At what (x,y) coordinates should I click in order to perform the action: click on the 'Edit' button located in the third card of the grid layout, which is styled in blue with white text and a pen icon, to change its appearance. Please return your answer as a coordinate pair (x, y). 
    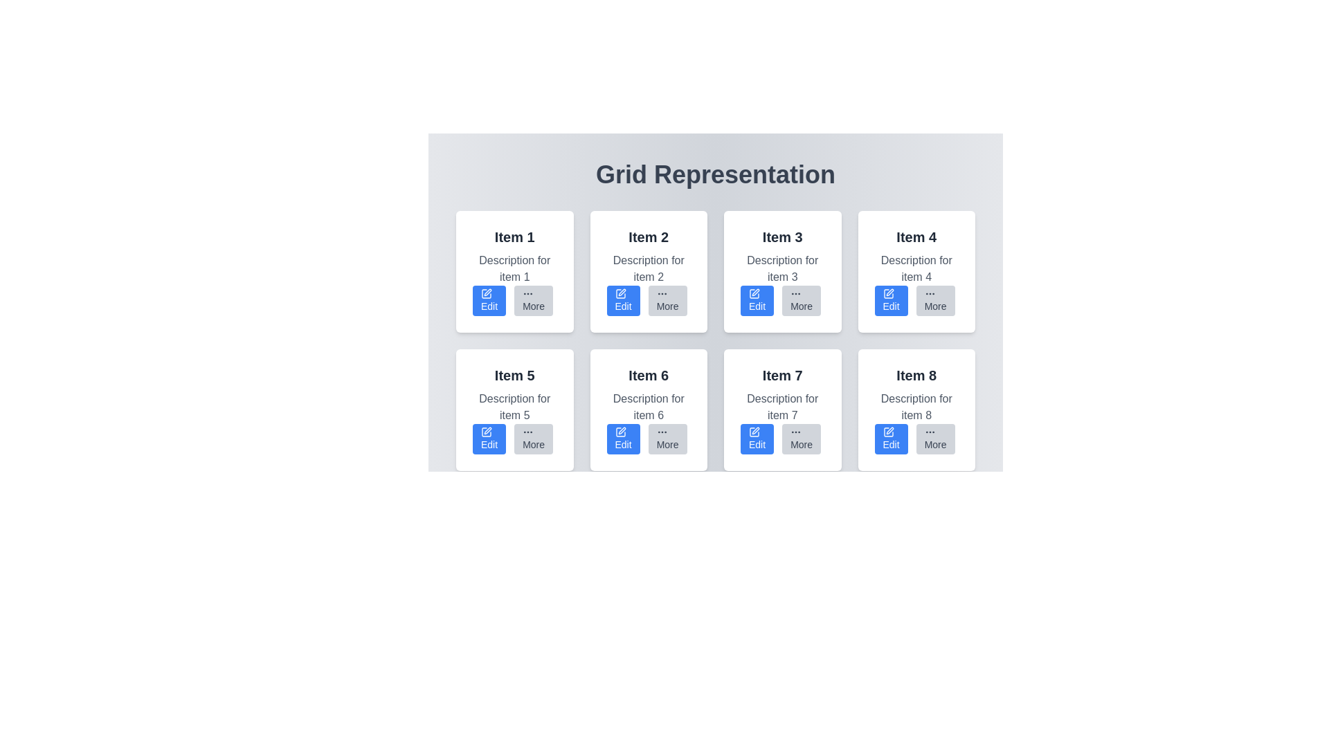
    Looking at the image, I should click on (757, 300).